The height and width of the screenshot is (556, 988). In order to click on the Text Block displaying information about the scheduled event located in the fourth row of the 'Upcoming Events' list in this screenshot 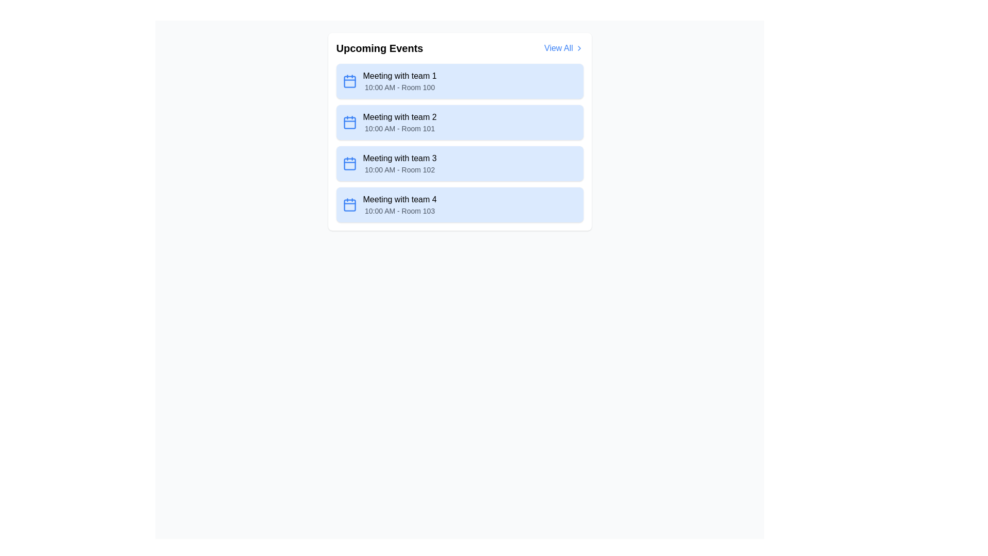, I will do `click(399, 204)`.